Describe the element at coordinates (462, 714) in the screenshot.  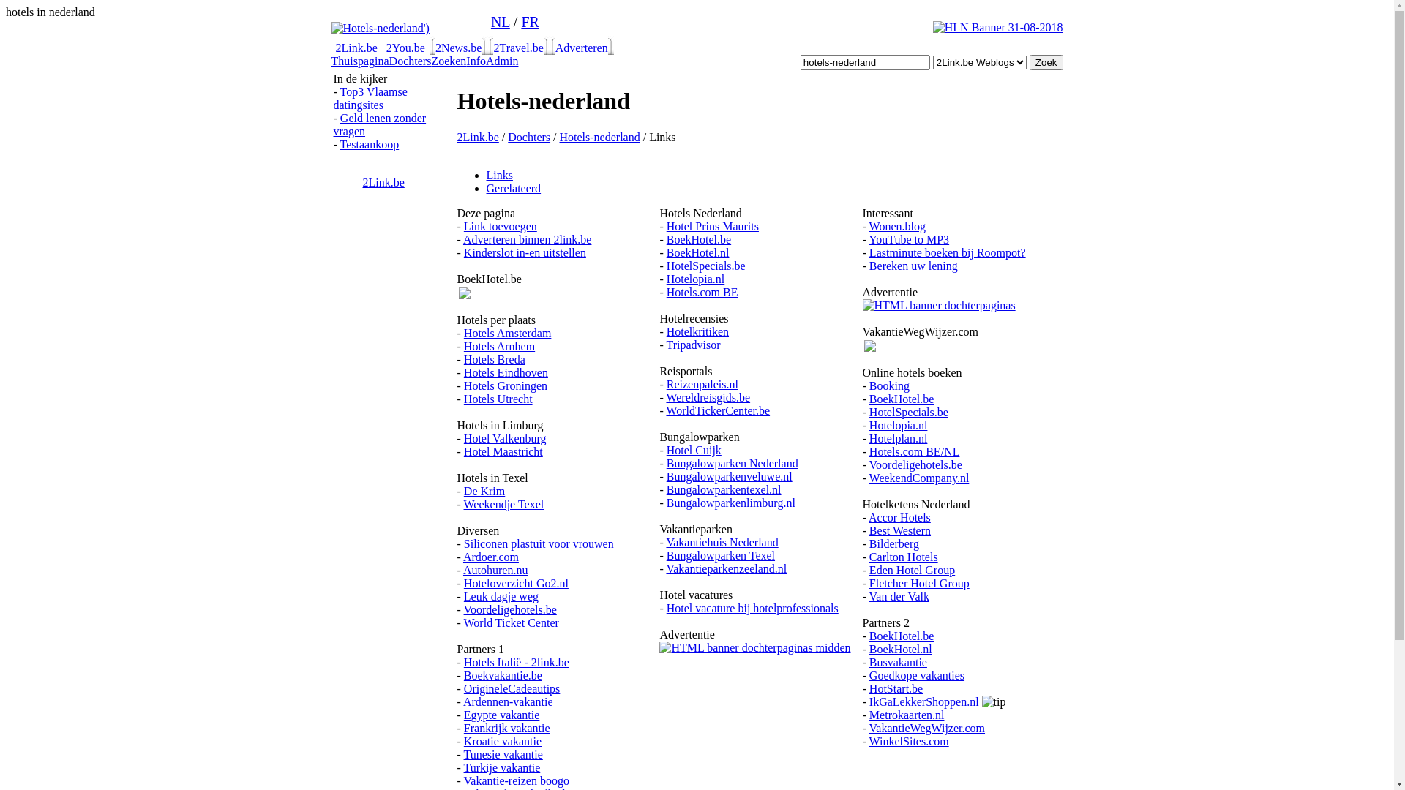
I see `'Egypte vakantie'` at that location.